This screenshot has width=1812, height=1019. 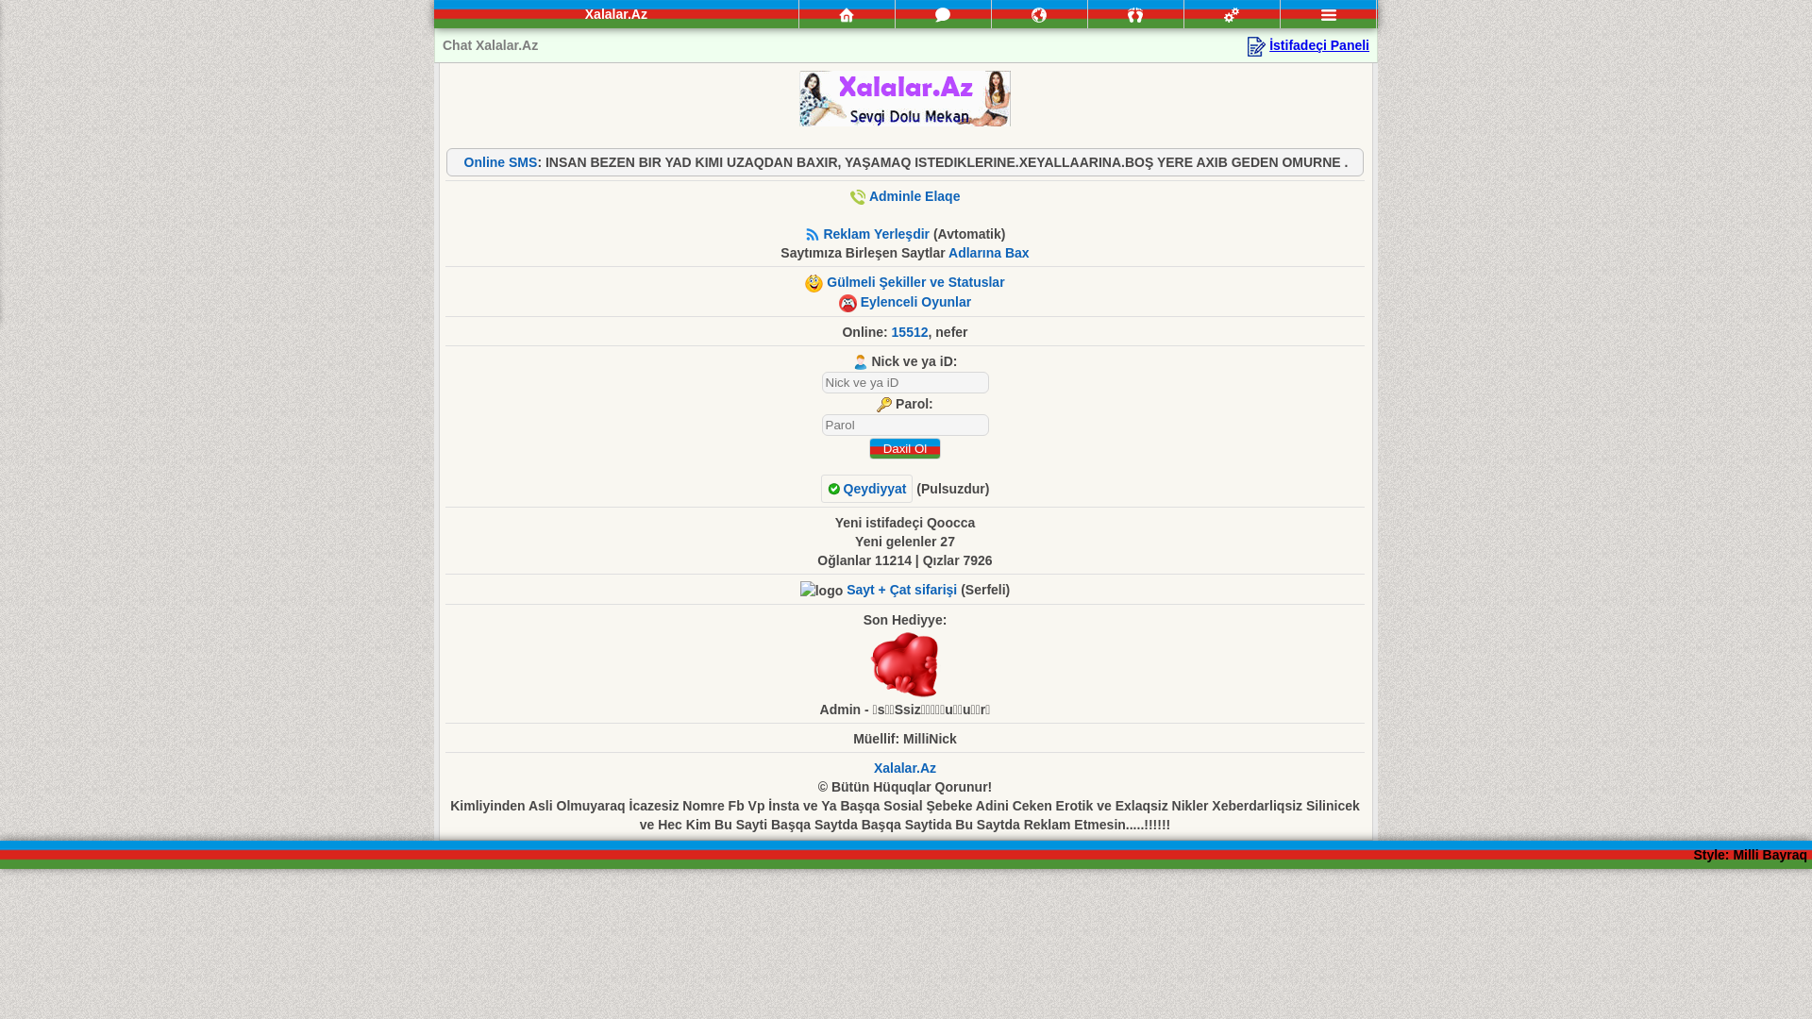 What do you see at coordinates (903, 425) in the screenshot?
I see `'Parol'` at bounding box center [903, 425].